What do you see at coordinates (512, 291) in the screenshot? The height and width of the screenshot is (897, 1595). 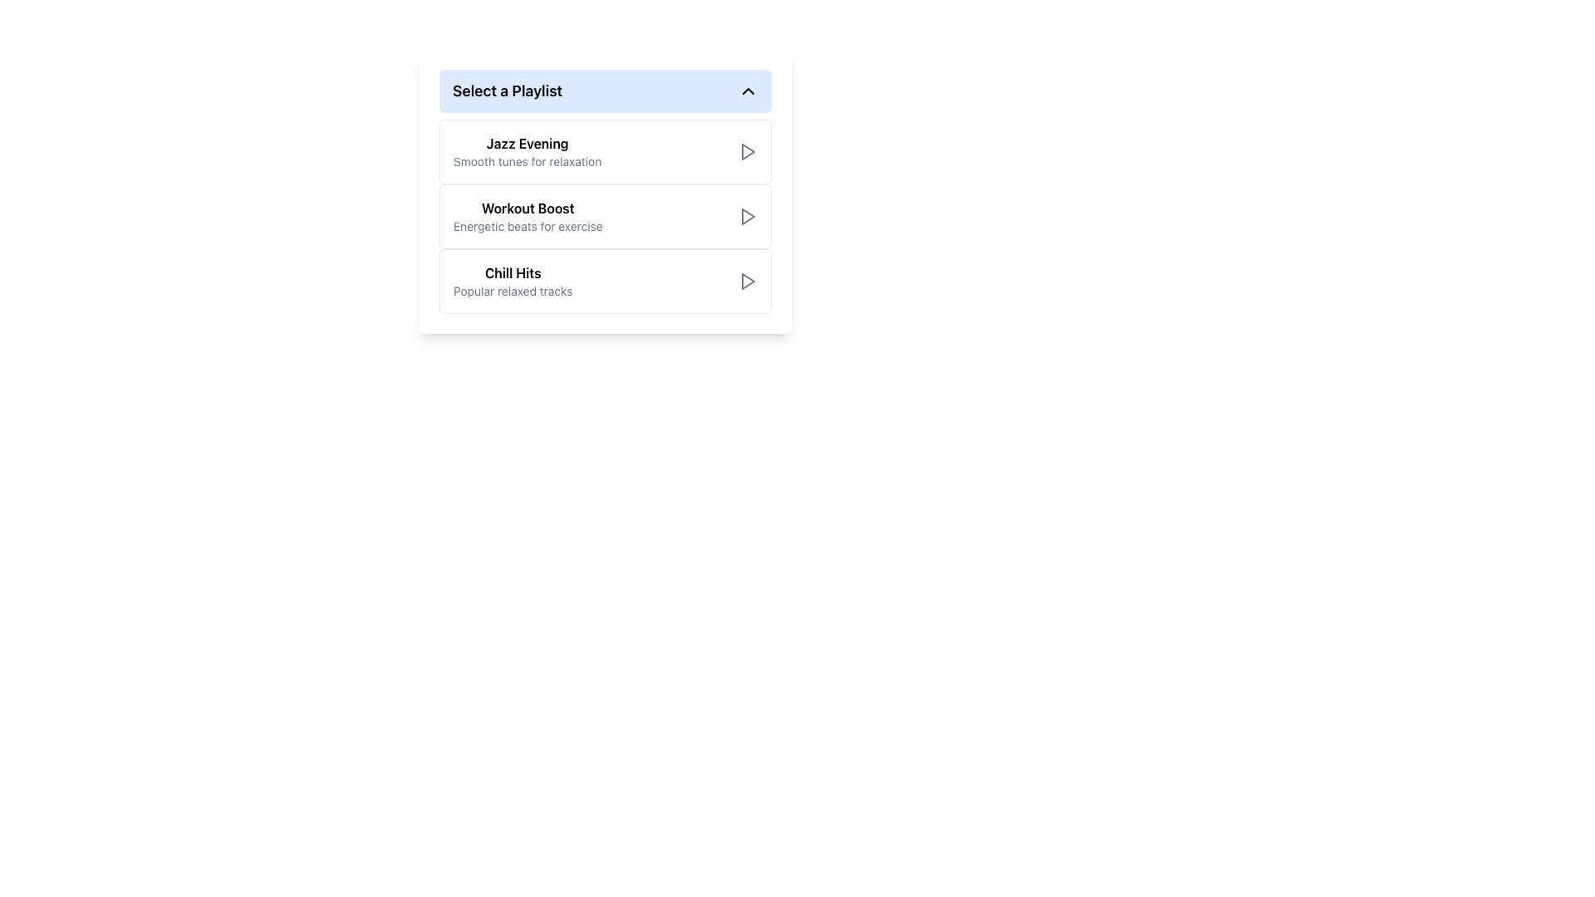 I see `descriptive information displayed in the text label located directly below the 'Chill Hits' label, which serves as its subtitle` at bounding box center [512, 291].